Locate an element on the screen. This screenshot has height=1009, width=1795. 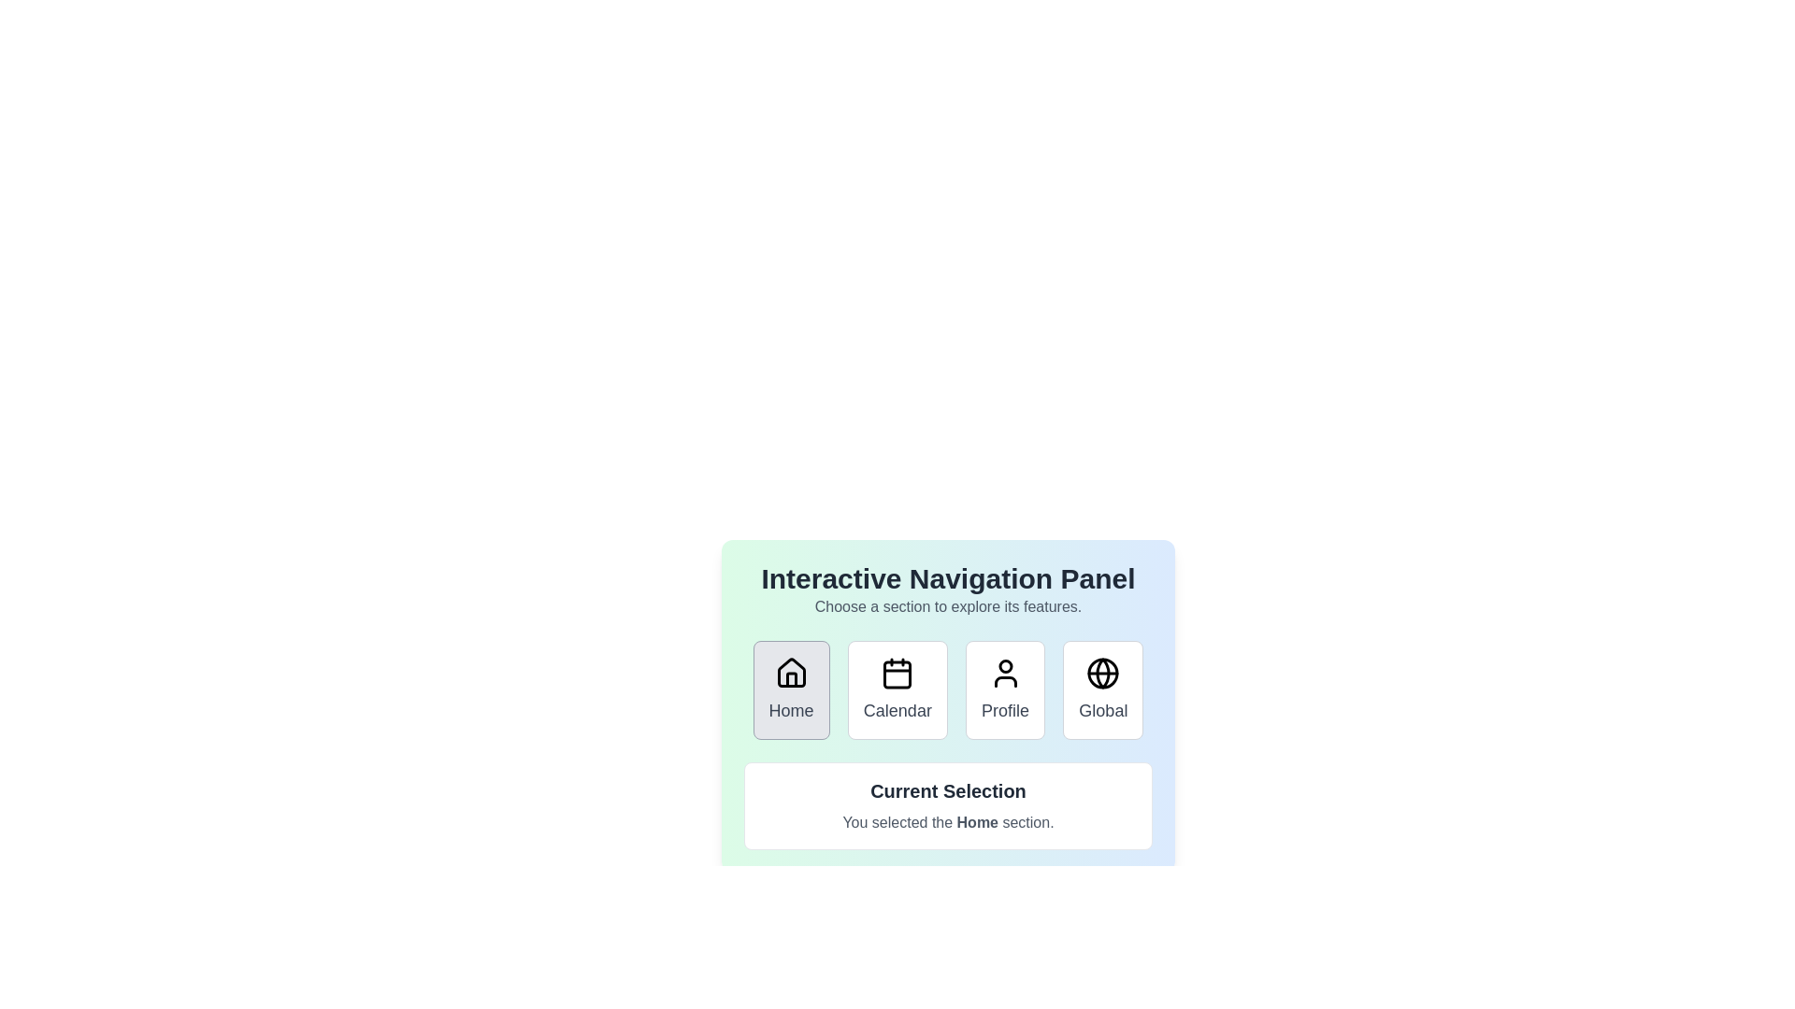
the monochrome house icon located at the top of the 'Home' button in the navigation panel to activate hover effects is located at coordinates (791, 674).